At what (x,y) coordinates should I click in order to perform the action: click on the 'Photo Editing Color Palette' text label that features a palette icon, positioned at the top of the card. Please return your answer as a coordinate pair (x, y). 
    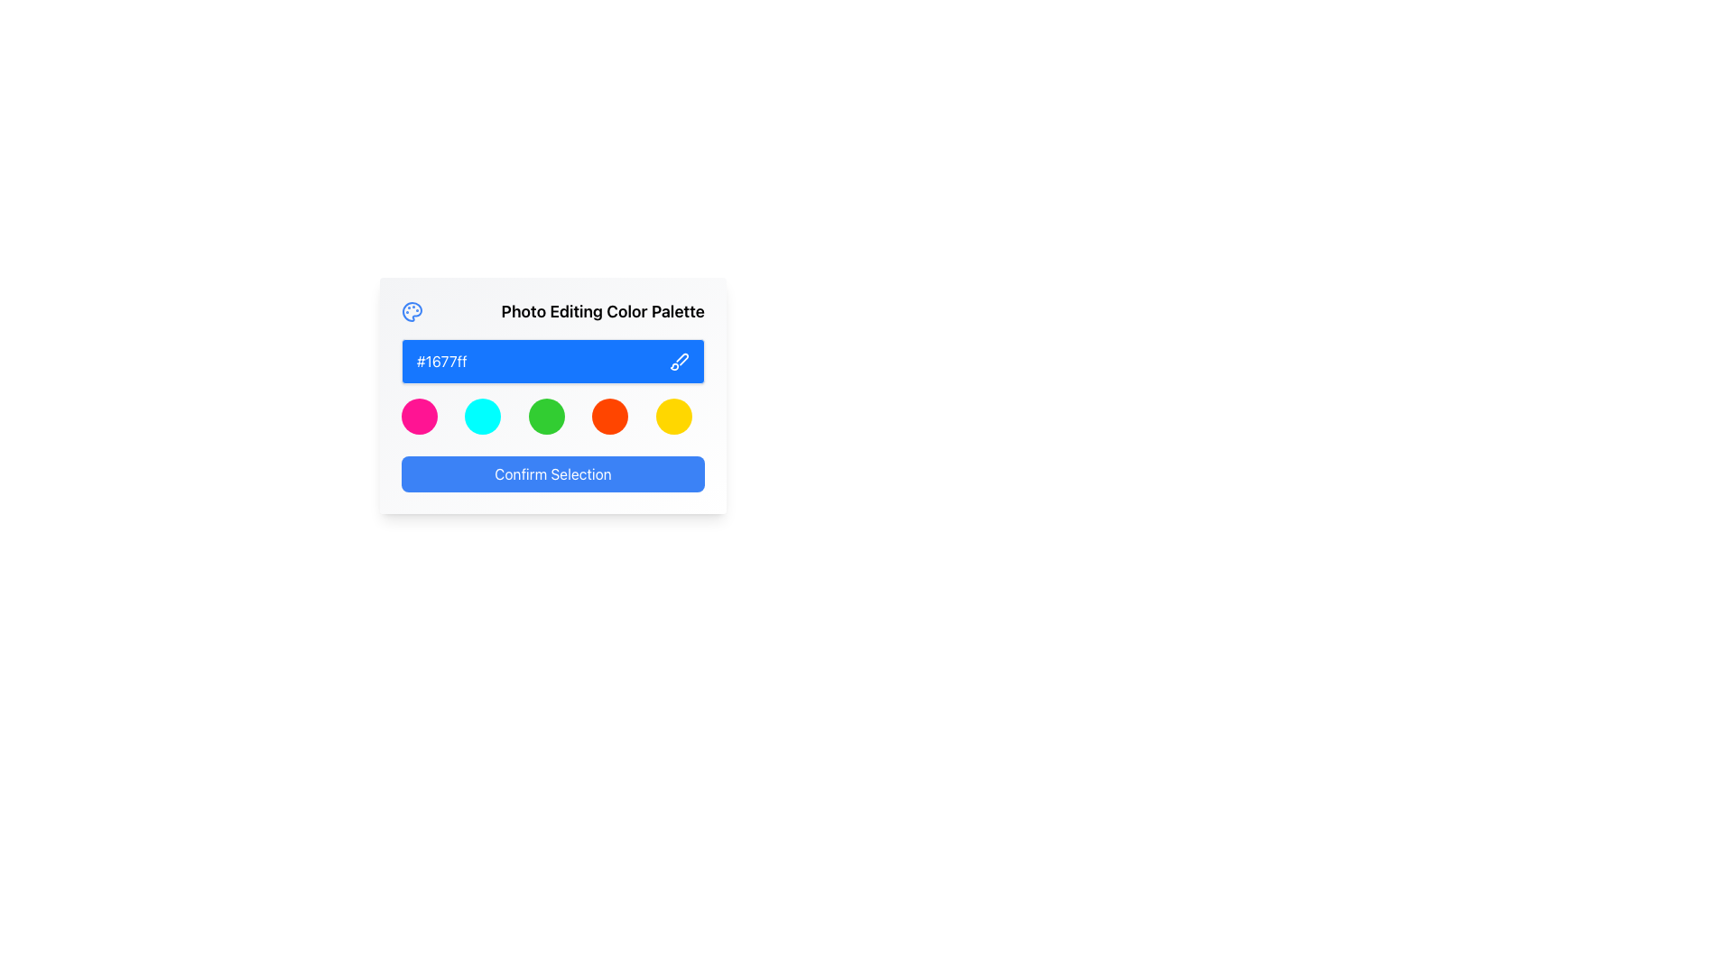
    Looking at the image, I should click on (552, 311).